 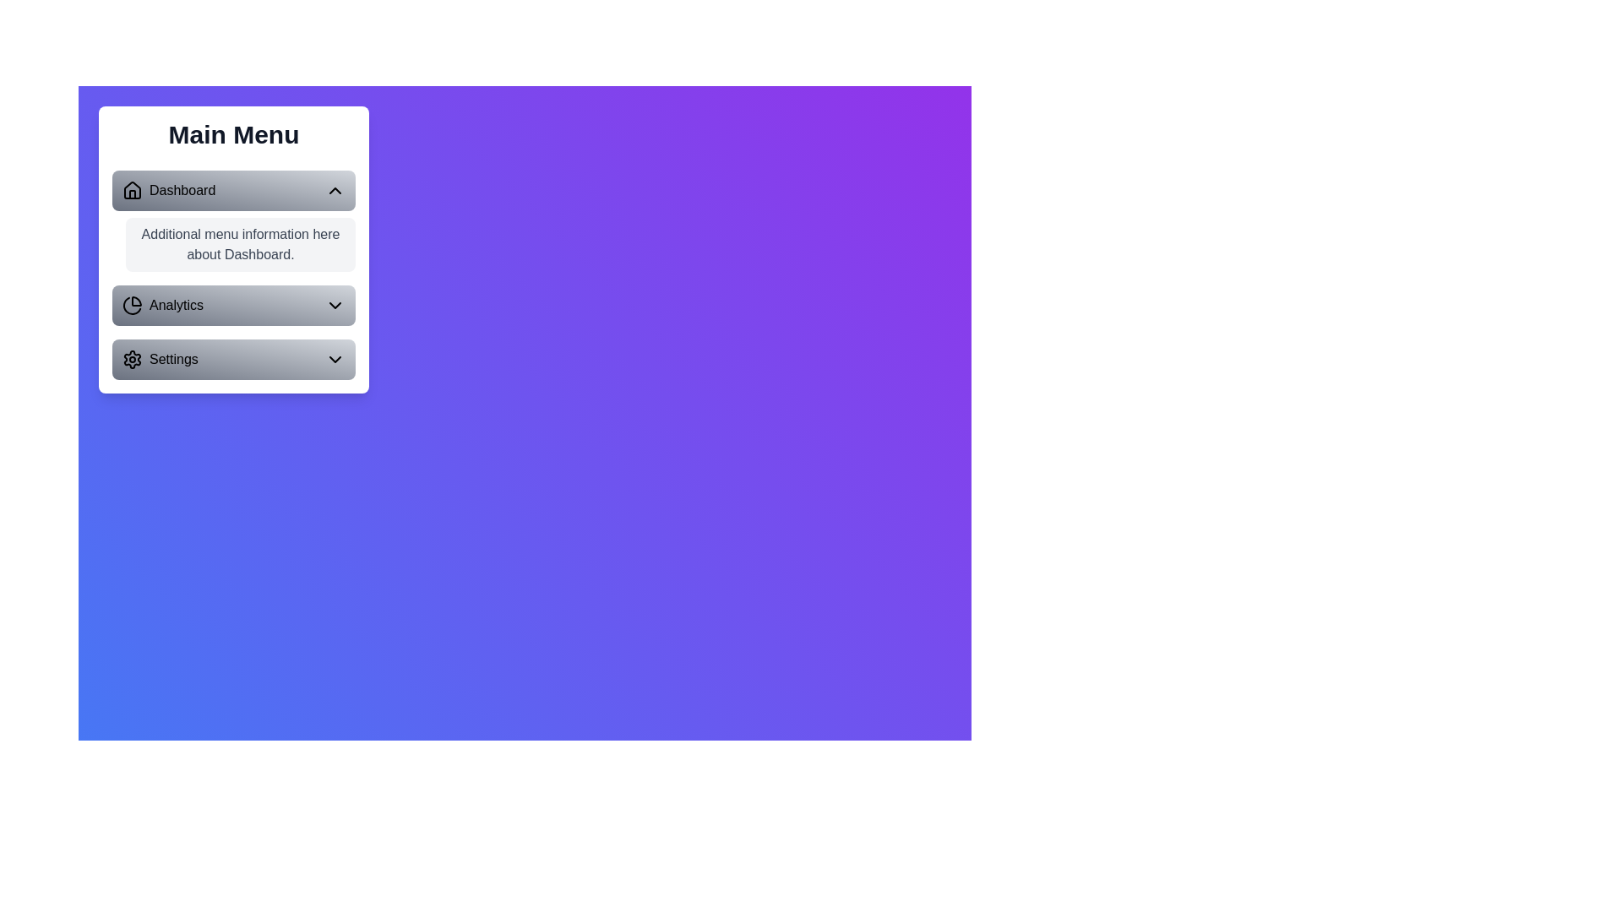 What do you see at coordinates (132, 358) in the screenshot?
I see `the 'Settings' icon located at the bottom of the main navigation menu` at bounding box center [132, 358].